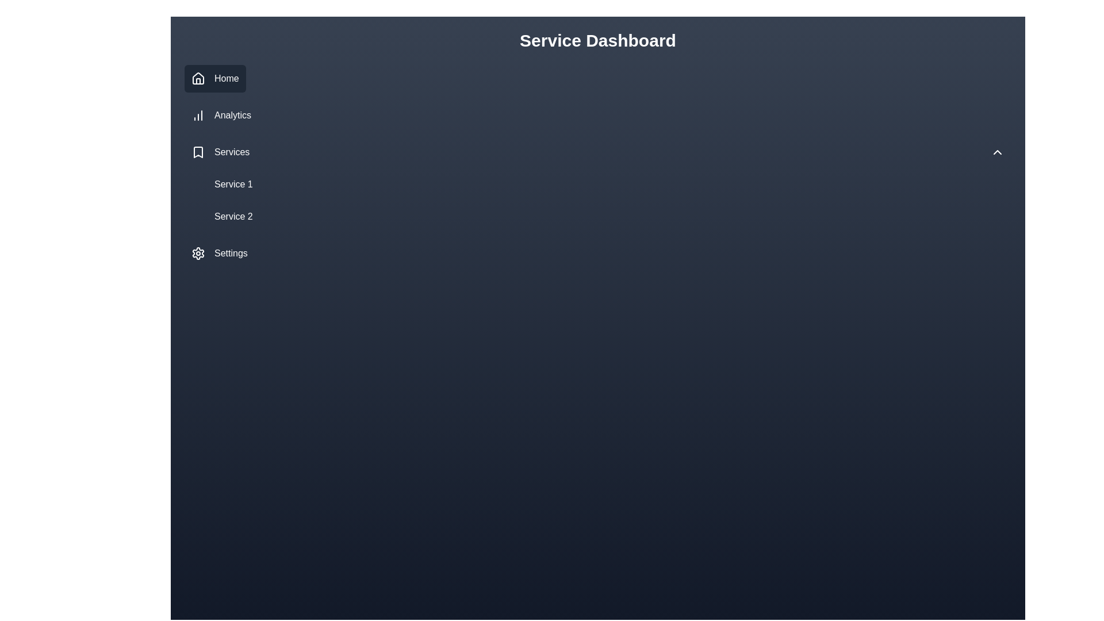 The image size is (1104, 621). I want to click on the 'Services' label in the left sidebar menu, so click(231, 152).